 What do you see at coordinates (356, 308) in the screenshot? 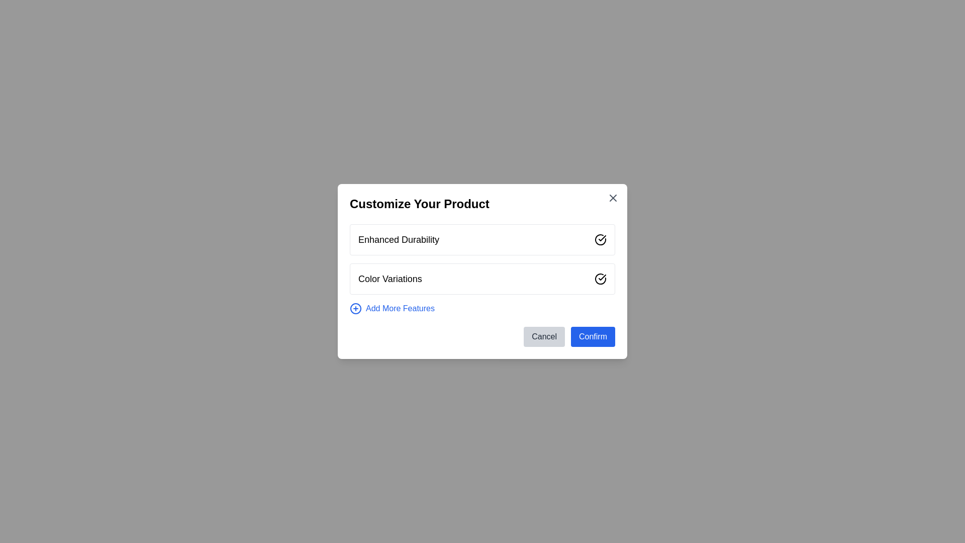
I see `the icon that visually represents the action to 'add' or 'expand' features, located to the left of the text 'Add More Features'` at bounding box center [356, 308].